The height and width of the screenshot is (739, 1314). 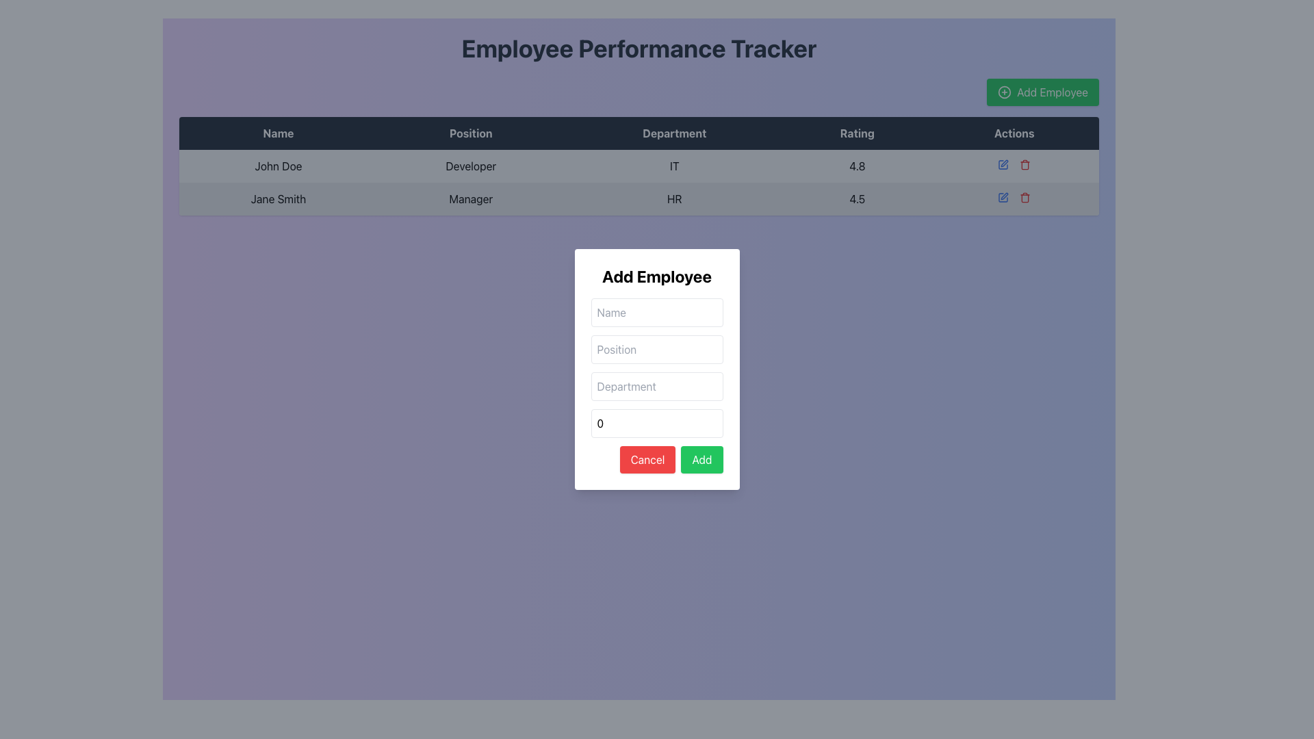 What do you see at coordinates (1042, 92) in the screenshot?
I see `the 'Add Employee' button with a green background and white text` at bounding box center [1042, 92].